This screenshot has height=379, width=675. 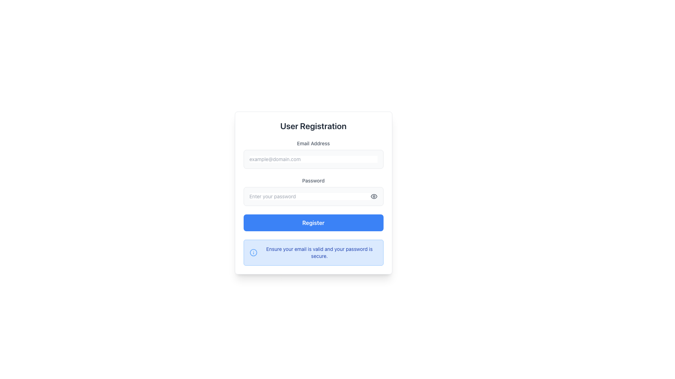 I want to click on the password input label, which is located beneath the 'Email Address' input label and above the 'Enter your password' text field, so click(x=313, y=180).